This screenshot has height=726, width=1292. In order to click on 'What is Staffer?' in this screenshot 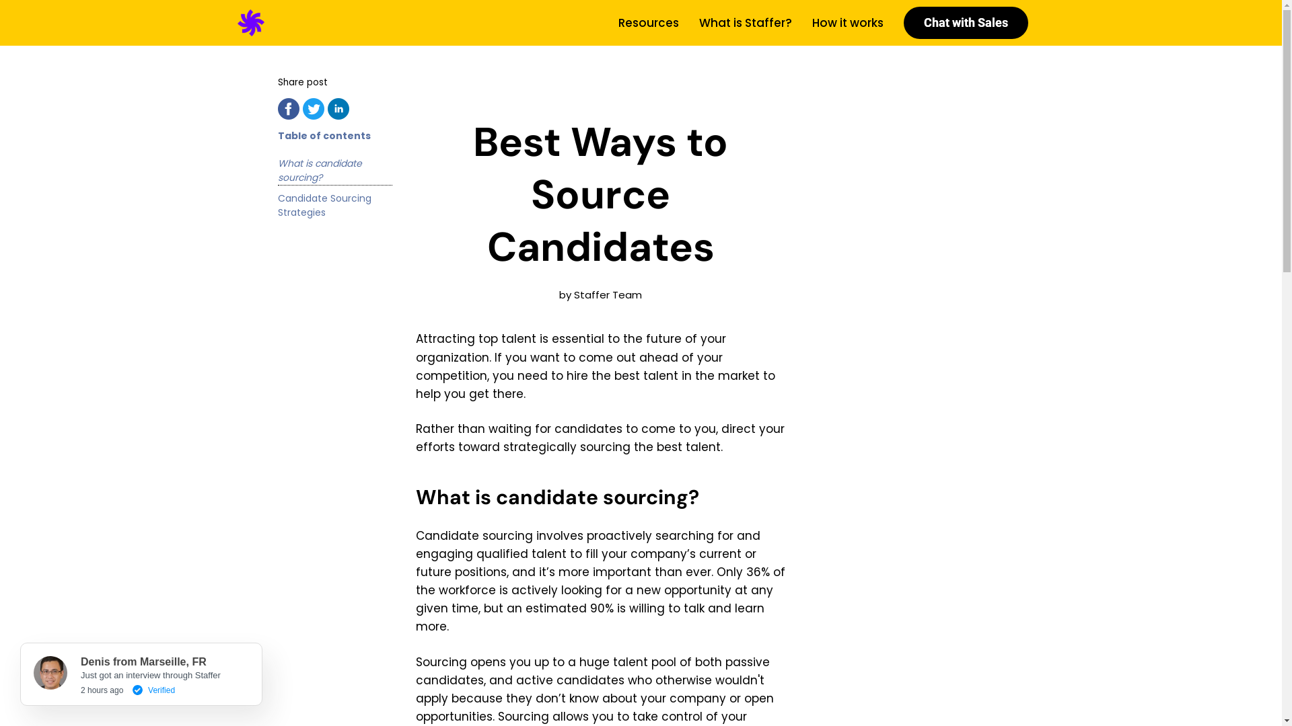, I will do `click(698, 23)`.